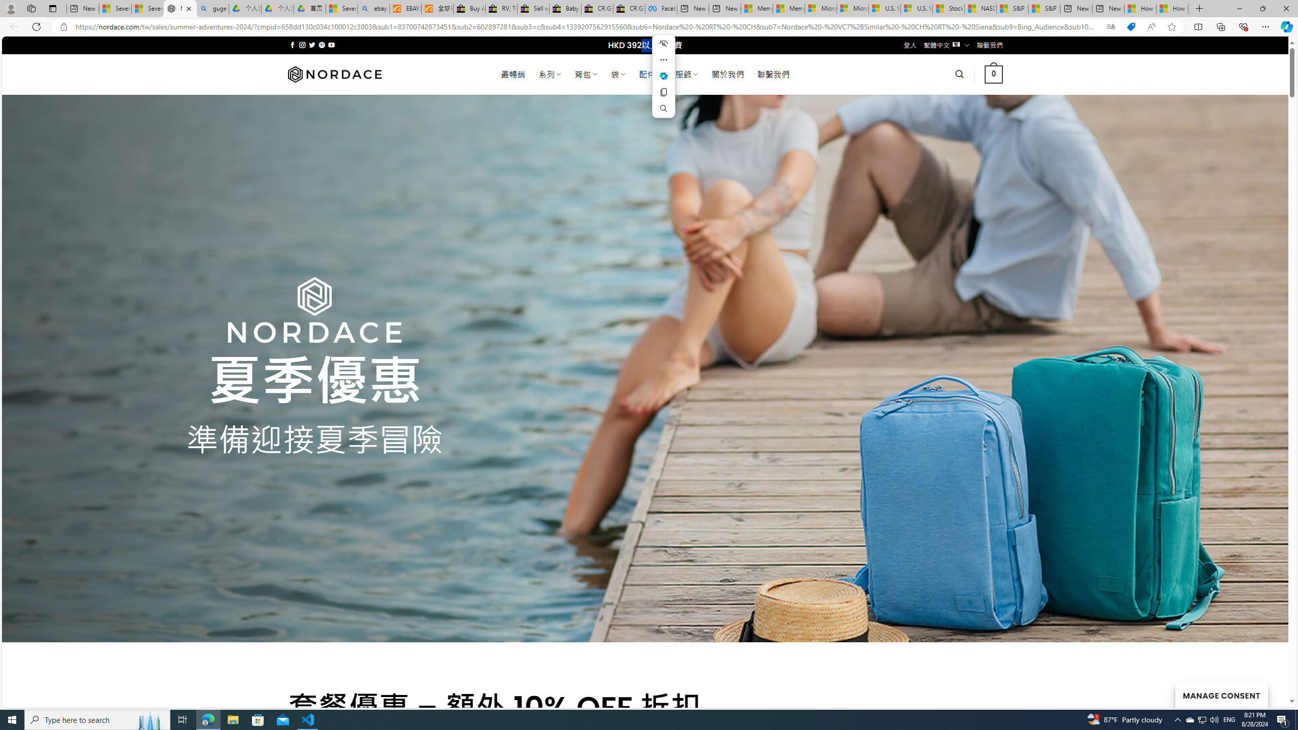 The height and width of the screenshot is (730, 1298). I want to click on ' 0 ', so click(994, 74).